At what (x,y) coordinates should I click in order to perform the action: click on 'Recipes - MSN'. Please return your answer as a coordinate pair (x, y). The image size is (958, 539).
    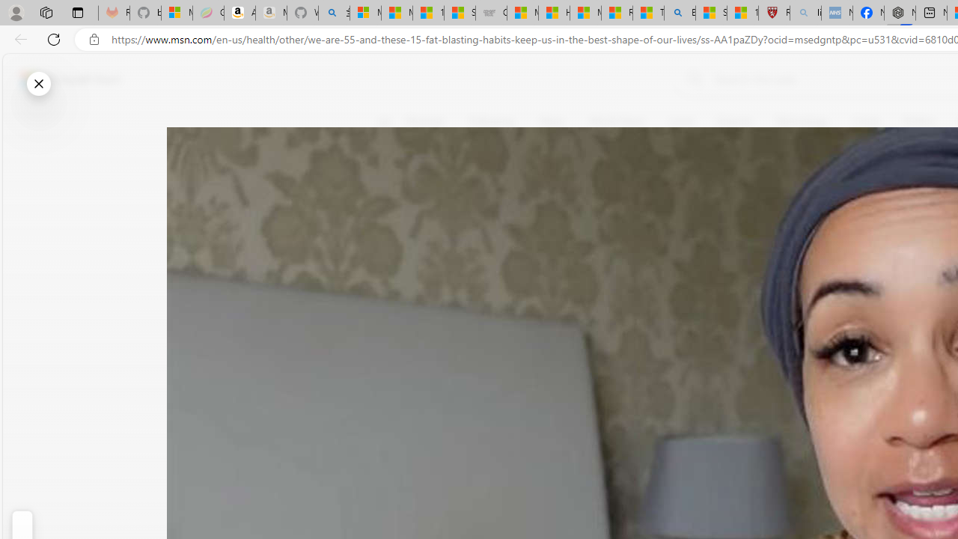
    Looking at the image, I should click on (617, 13).